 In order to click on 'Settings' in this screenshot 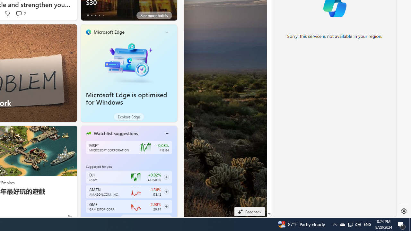, I will do `click(404, 211)`.